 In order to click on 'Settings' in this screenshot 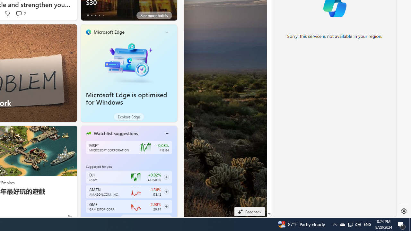, I will do `click(404, 211)`.